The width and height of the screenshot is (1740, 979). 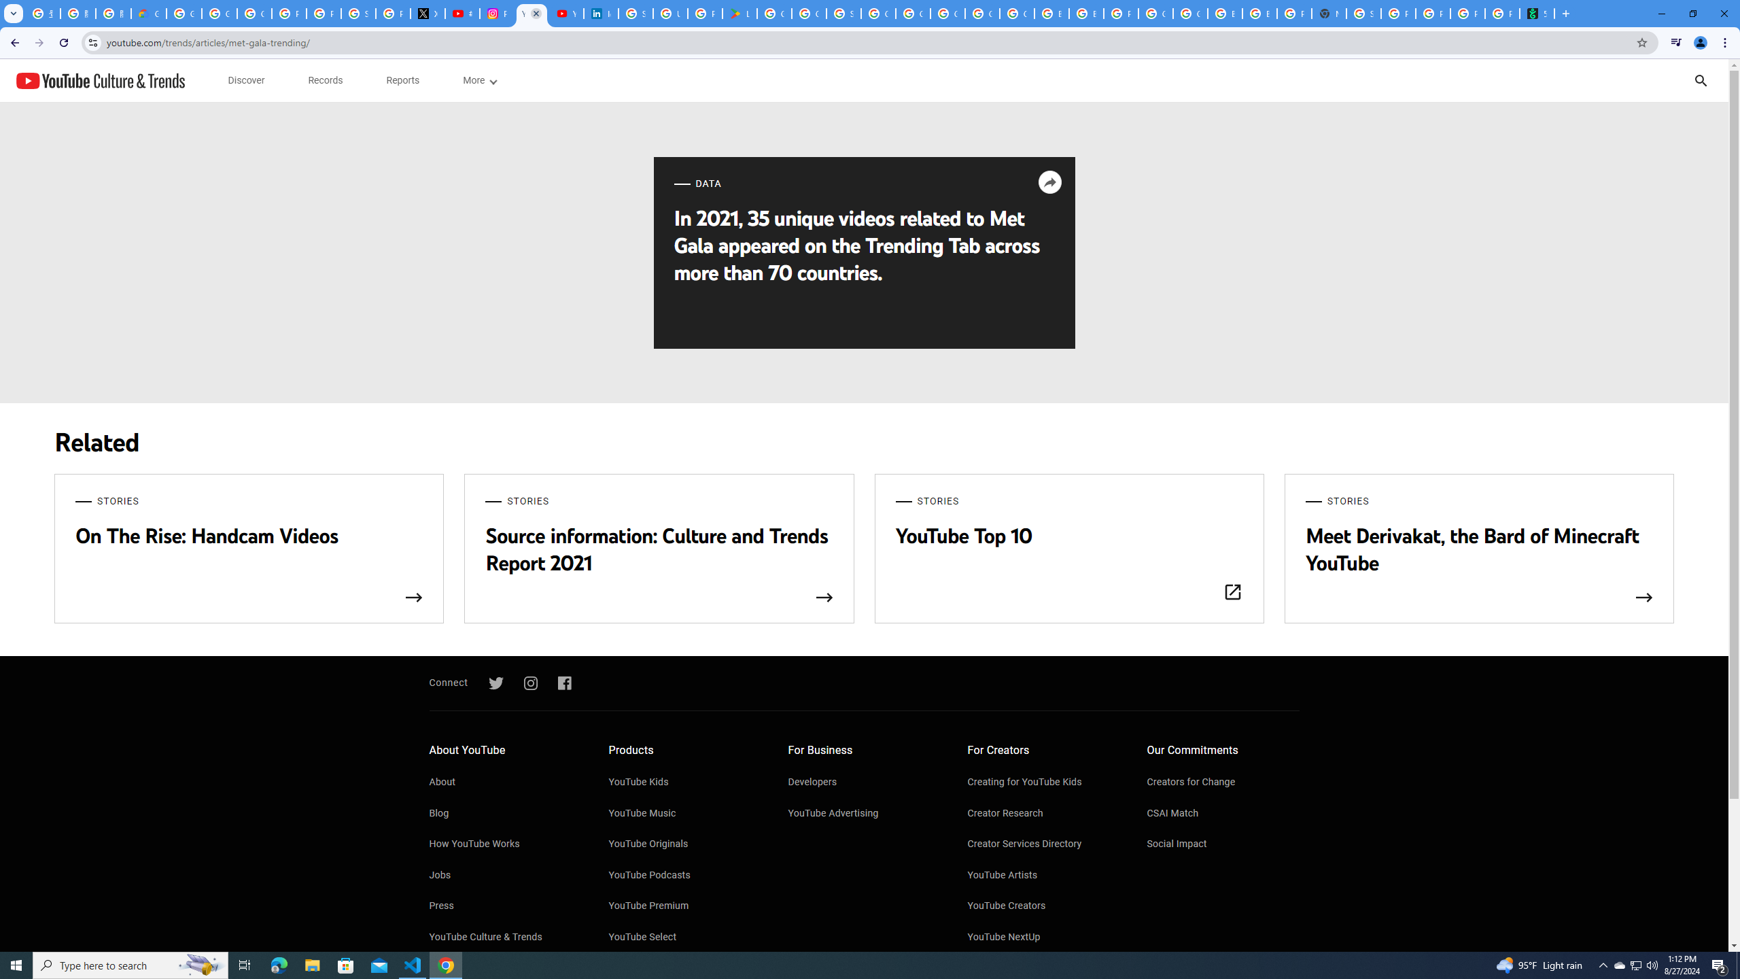 What do you see at coordinates (1222, 783) in the screenshot?
I see `'Creators for Change'` at bounding box center [1222, 783].